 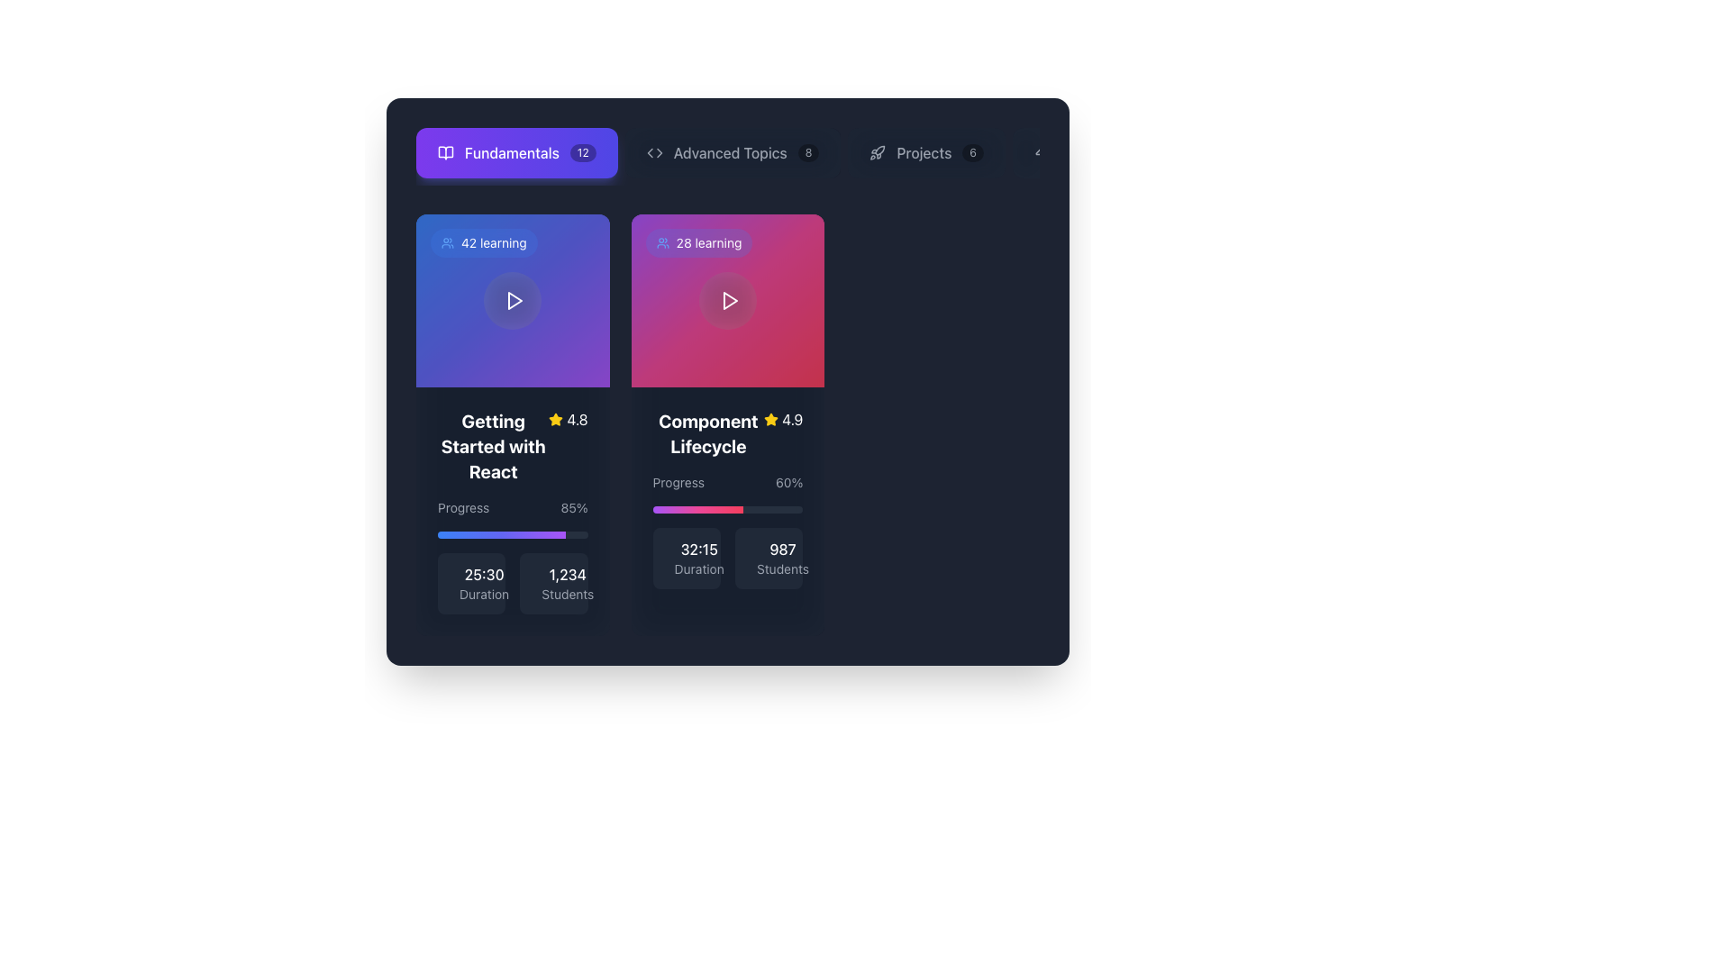 What do you see at coordinates (924, 151) in the screenshot?
I see `text label 'Projects' located in the navigation bar, which is positioned between the 'Advanced Topics' label and the number '6'` at bounding box center [924, 151].